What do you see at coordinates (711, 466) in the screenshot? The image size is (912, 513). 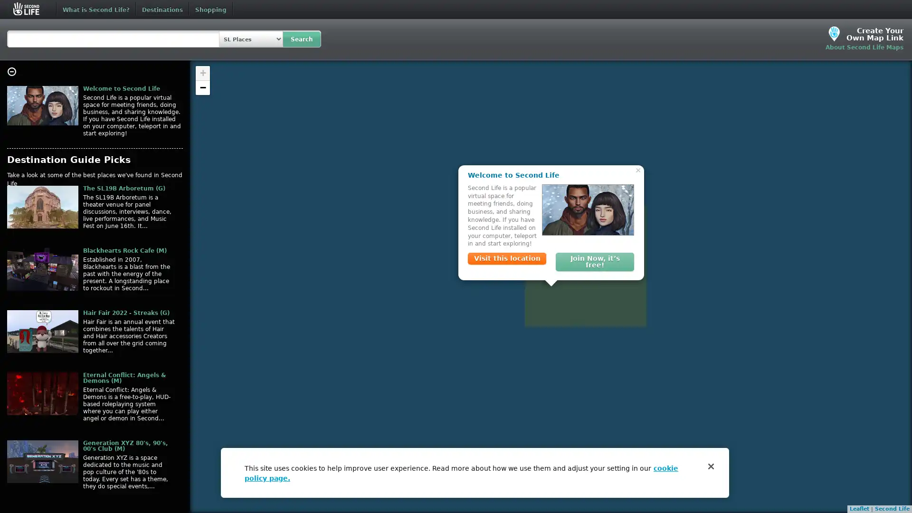 I see `Close` at bounding box center [711, 466].